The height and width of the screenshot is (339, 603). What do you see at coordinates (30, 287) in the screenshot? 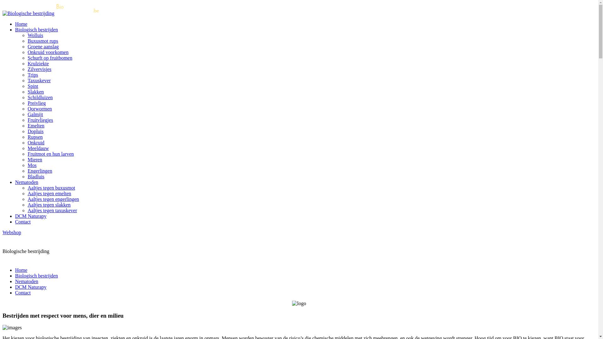
I see `'DCM Naturapy'` at bounding box center [30, 287].